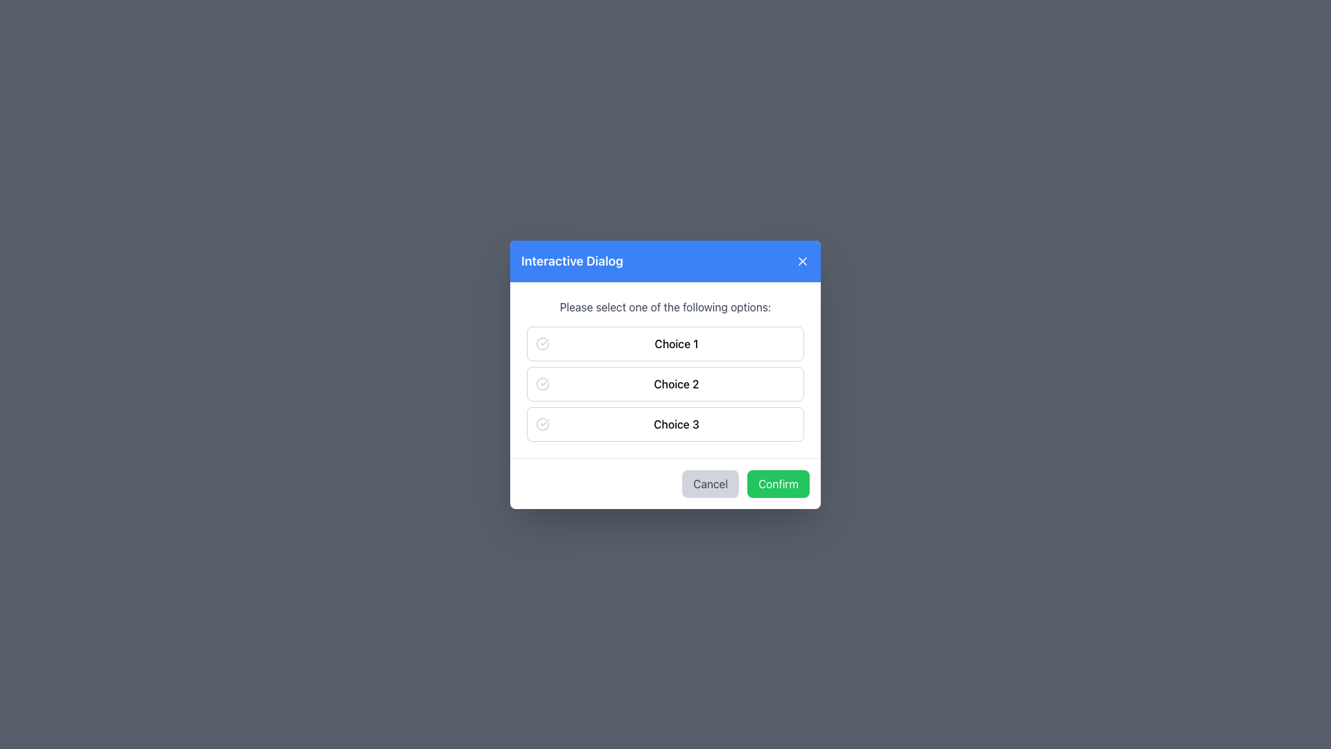 The image size is (1331, 749). Describe the element at coordinates (665, 384) in the screenshot. I see `the selectable list item labeled 'Choice 2', which features a checkmark icon and is styled with rounded corners, located in a vertical list of options` at that location.